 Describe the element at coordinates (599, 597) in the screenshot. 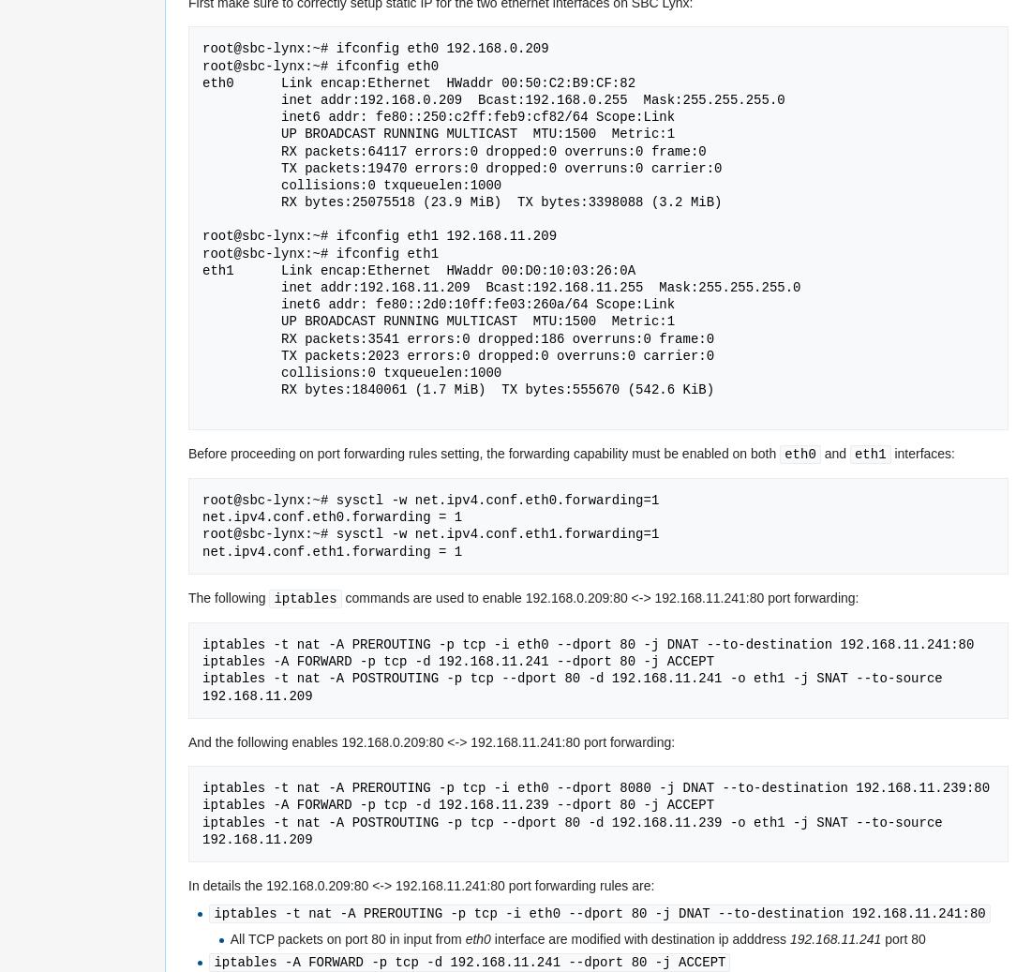

I see `'commands are used to enable 192.168.0.209:80 <-> 192.168.11.241:80 port forwarding:'` at that location.